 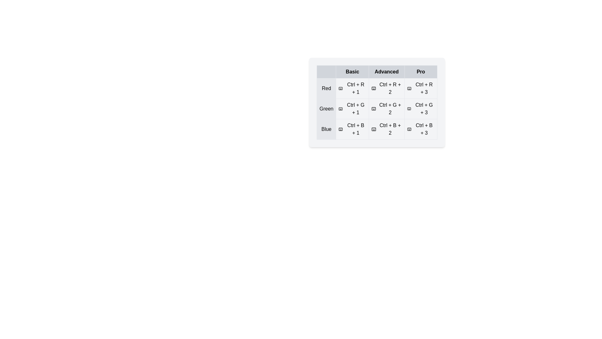 I want to click on the button-like visual element in the second cell of the 'Blue' row under the 'Advanced' column, so click(x=386, y=129).